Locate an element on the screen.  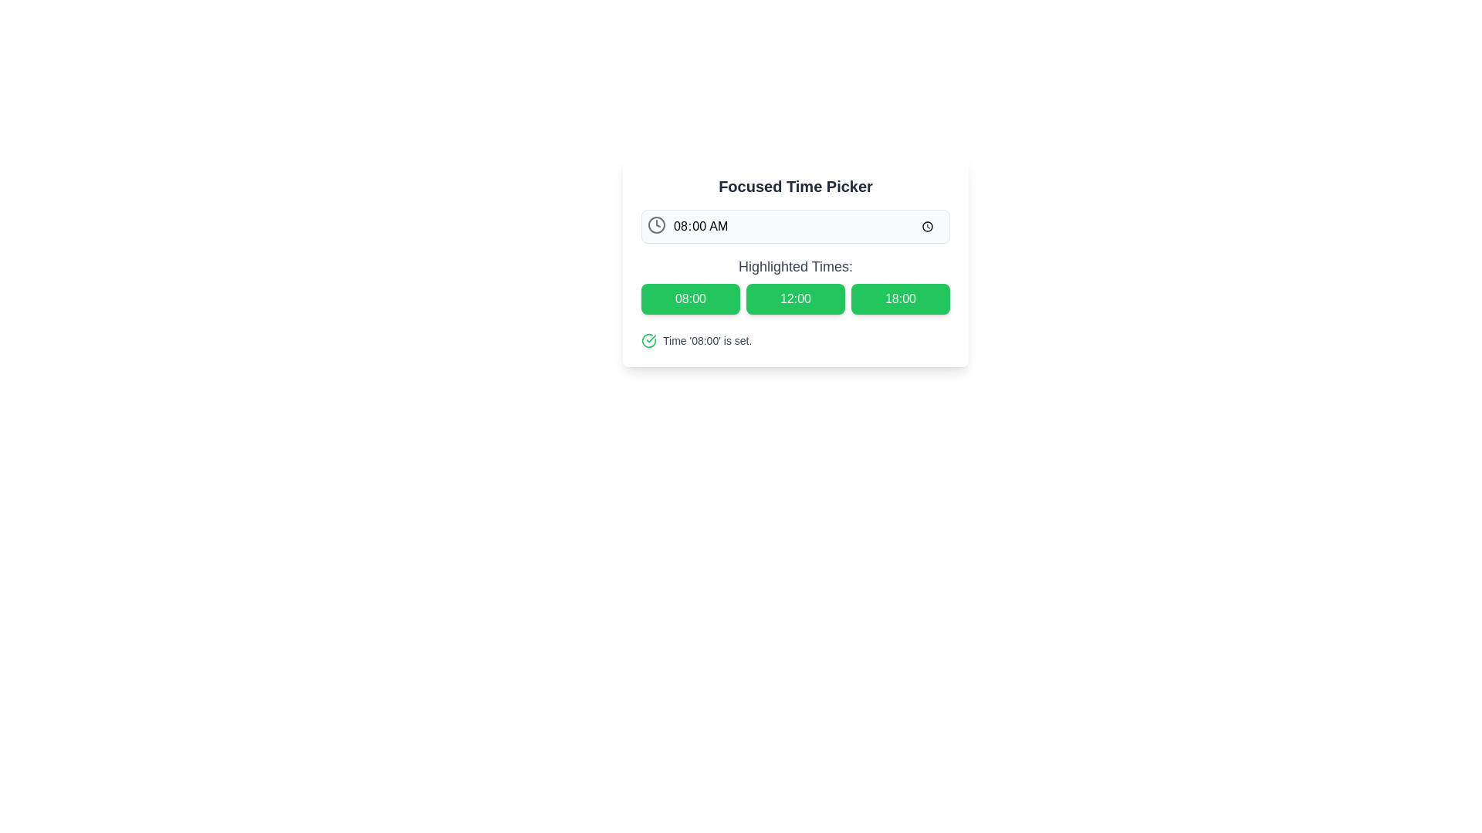
the '12:00' button in the 'Focused Time Picker' panel is located at coordinates (796, 299).